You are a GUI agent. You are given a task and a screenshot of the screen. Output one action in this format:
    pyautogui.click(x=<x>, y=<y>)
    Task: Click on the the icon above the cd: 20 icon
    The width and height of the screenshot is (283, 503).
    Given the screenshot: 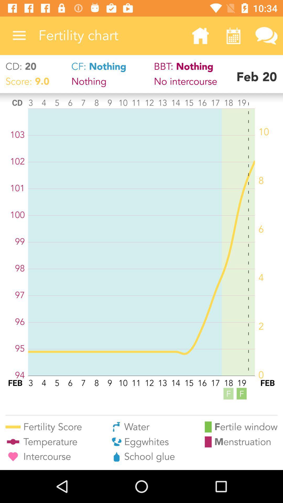 What is the action you would take?
    pyautogui.click(x=19, y=35)
    